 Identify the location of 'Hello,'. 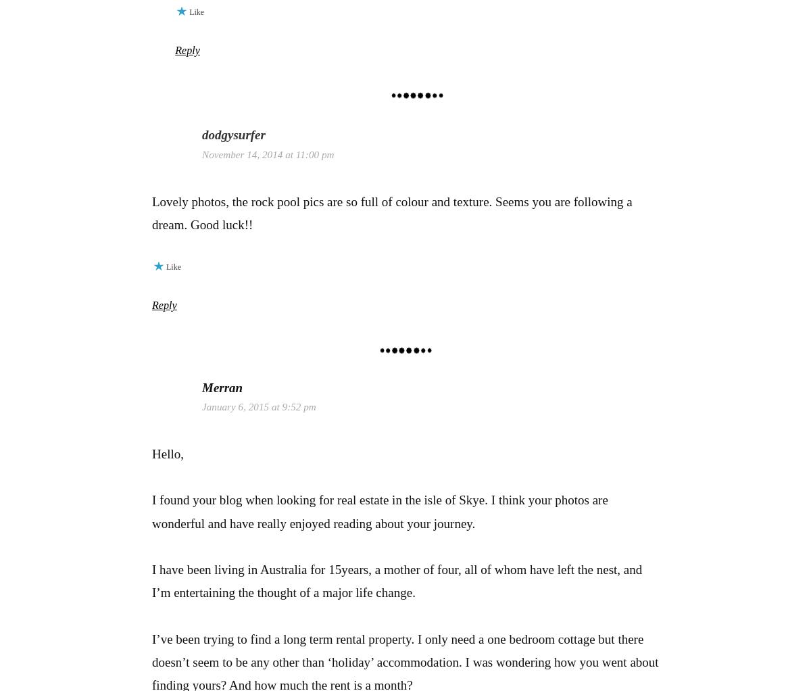
(151, 453).